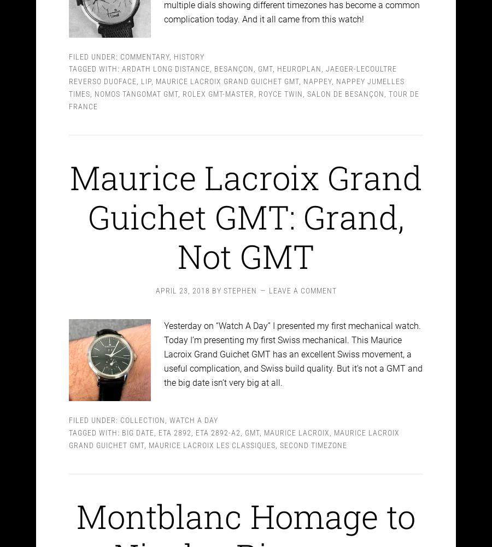 The width and height of the screenshot is (492, 547). What do you see at coordinates (244, 90) in the screenshot?
I see `'Tour de France'` at bounding box center [244, 90].